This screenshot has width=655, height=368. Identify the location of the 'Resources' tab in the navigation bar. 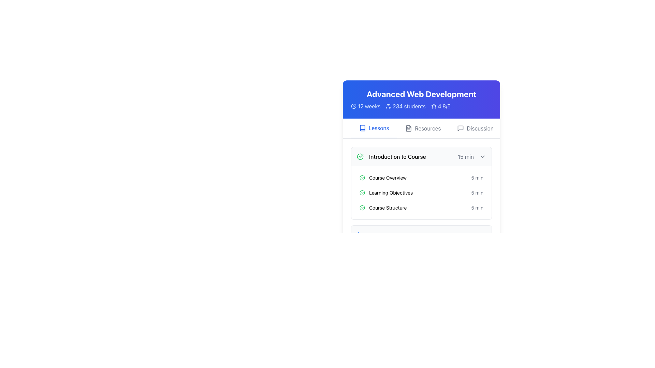
(421, 128).